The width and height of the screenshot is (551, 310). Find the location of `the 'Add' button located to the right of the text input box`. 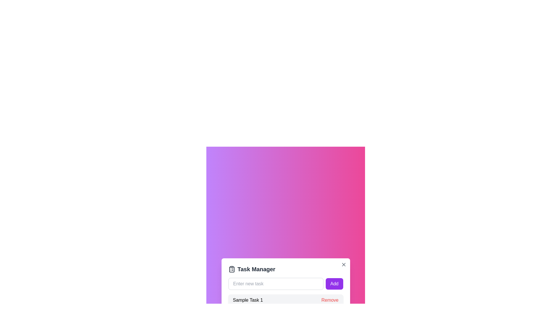

the 'Add' button located to the right of the text input box is located at coordinates (334, 283).